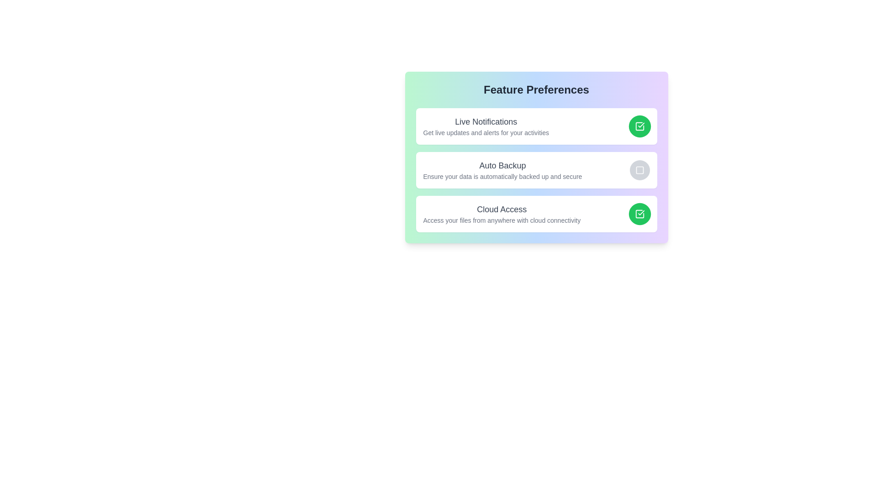  What do you see at coordinates (639, 126) in the screenshot?
I see `the toggle button for 'Live Notifications'` at bounding box center [639, 126].